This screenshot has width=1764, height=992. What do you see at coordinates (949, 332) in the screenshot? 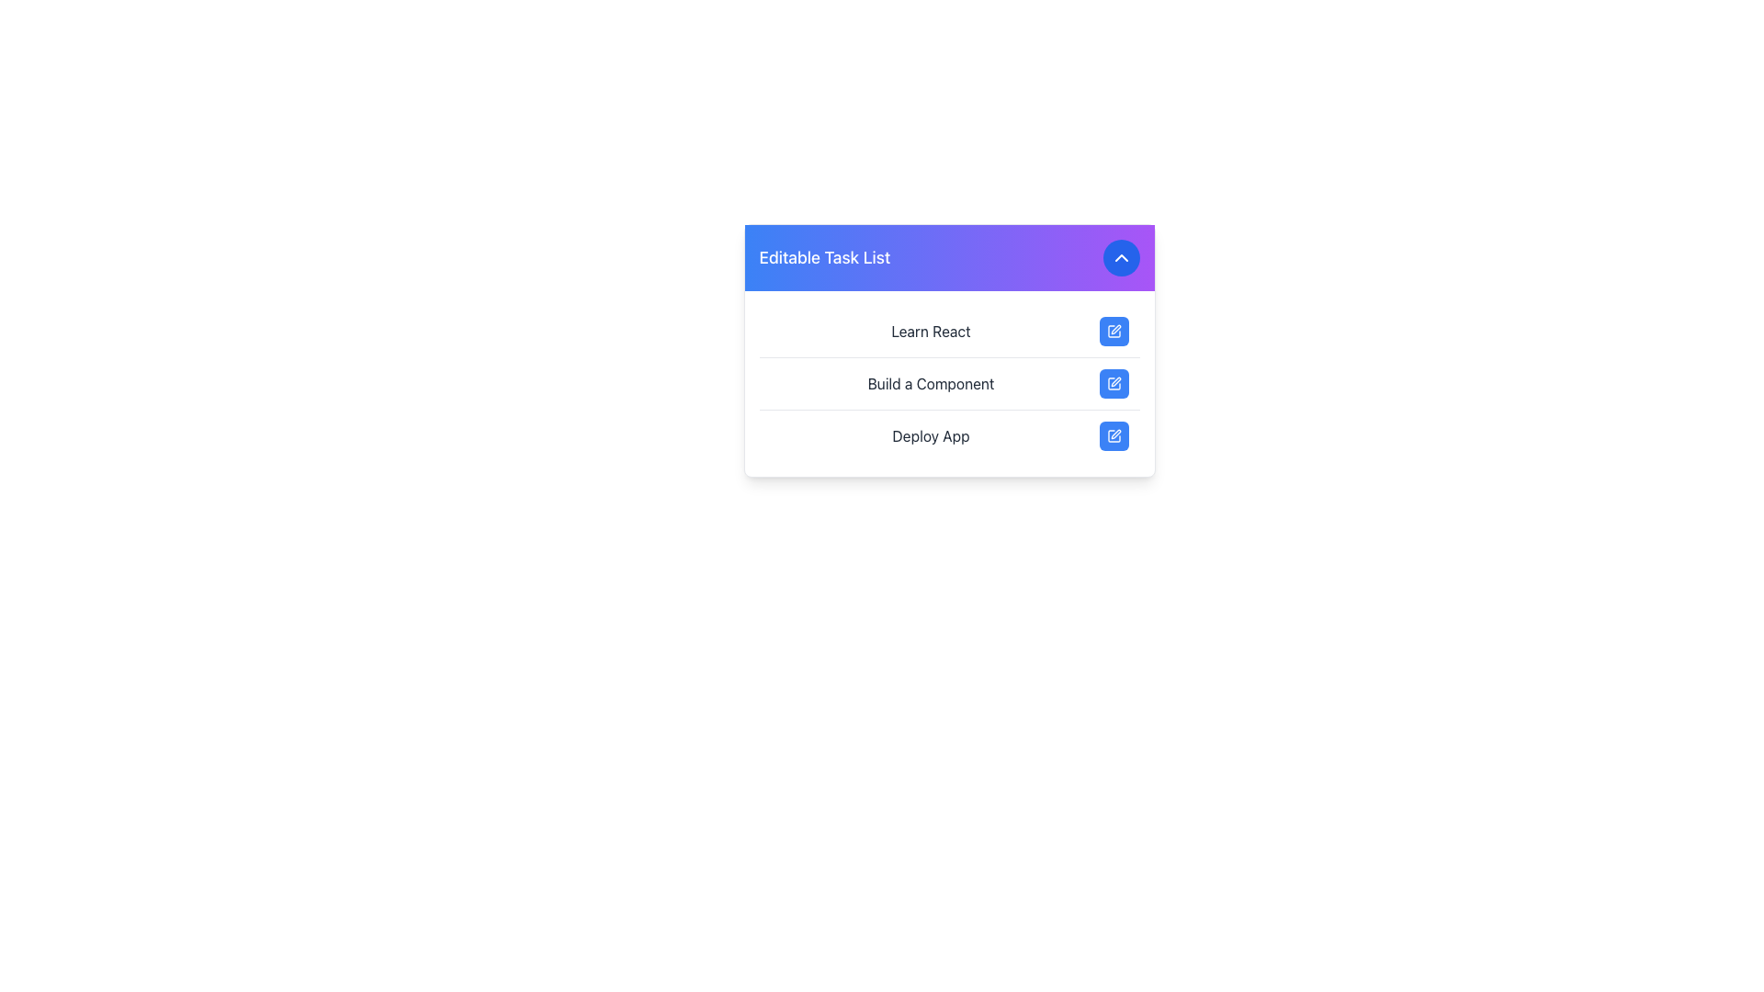
I see `the first item in the 'Editable Task List' that contains the label 'Learn React' and an adjacent blue edit button` at bounding box center [949, 332].